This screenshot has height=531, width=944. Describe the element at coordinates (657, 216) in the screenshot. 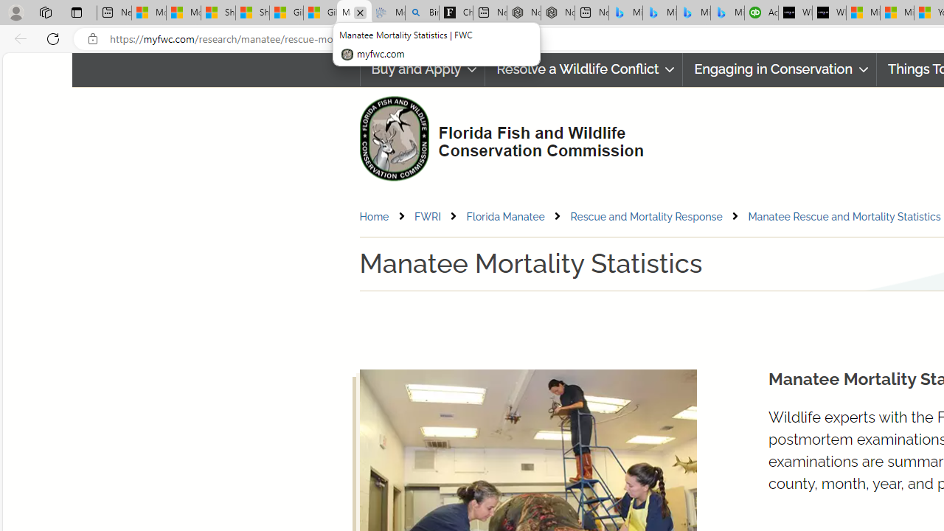

I see `'Rescue and Mortality Response'` at that location.